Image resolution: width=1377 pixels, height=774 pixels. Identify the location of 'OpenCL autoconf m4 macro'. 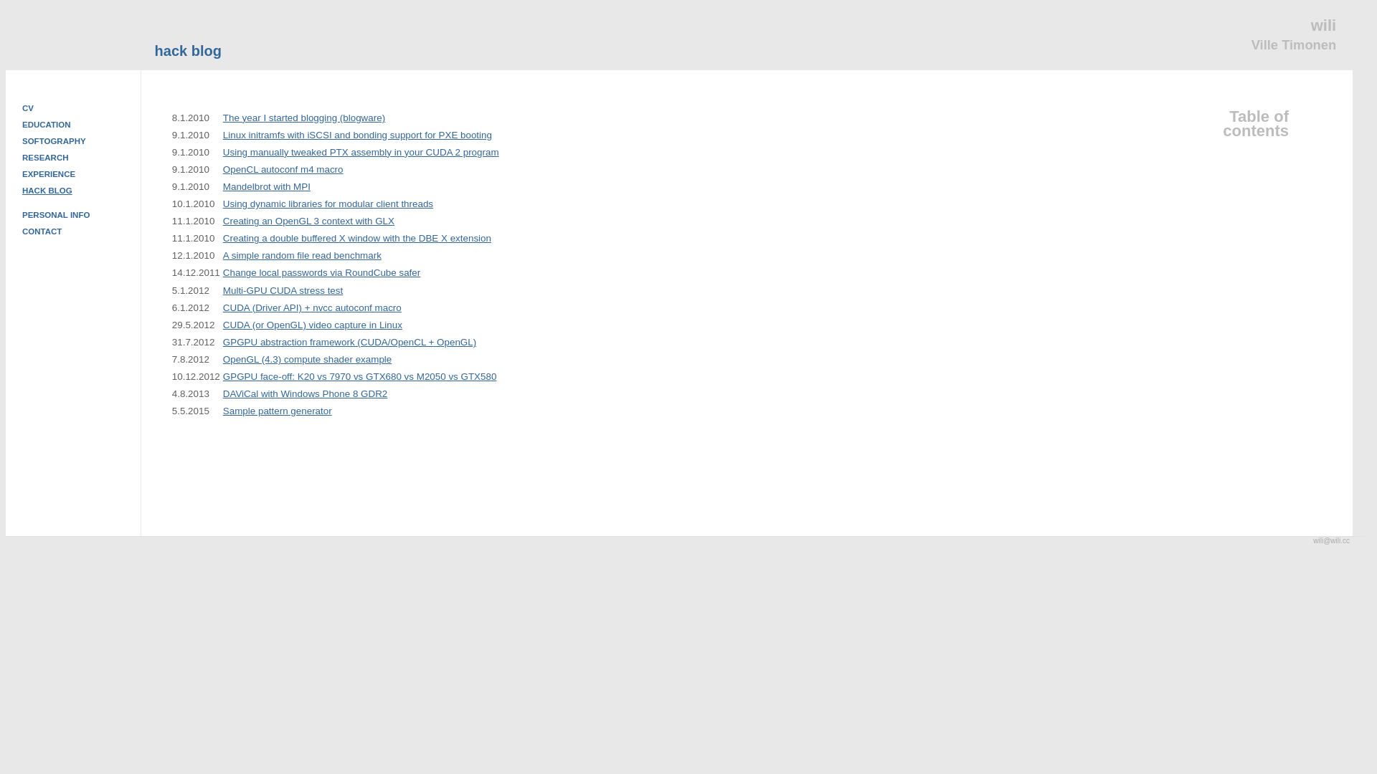
(283, 168).